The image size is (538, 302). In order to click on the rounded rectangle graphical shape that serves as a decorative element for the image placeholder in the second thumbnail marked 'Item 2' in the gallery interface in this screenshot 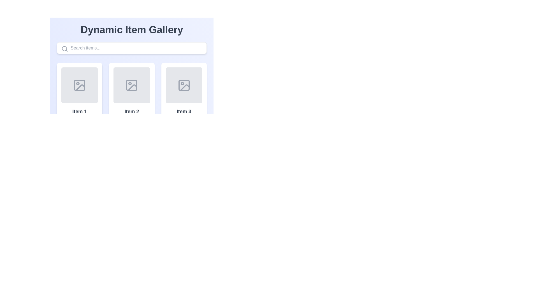, I will do `click(131, 85)`.